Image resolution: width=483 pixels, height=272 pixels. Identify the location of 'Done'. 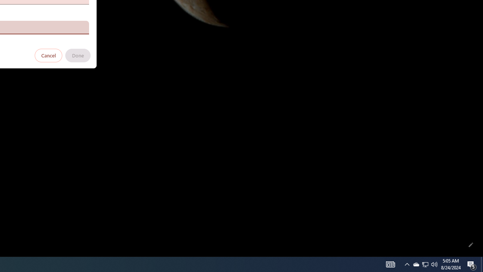
(78, 55).